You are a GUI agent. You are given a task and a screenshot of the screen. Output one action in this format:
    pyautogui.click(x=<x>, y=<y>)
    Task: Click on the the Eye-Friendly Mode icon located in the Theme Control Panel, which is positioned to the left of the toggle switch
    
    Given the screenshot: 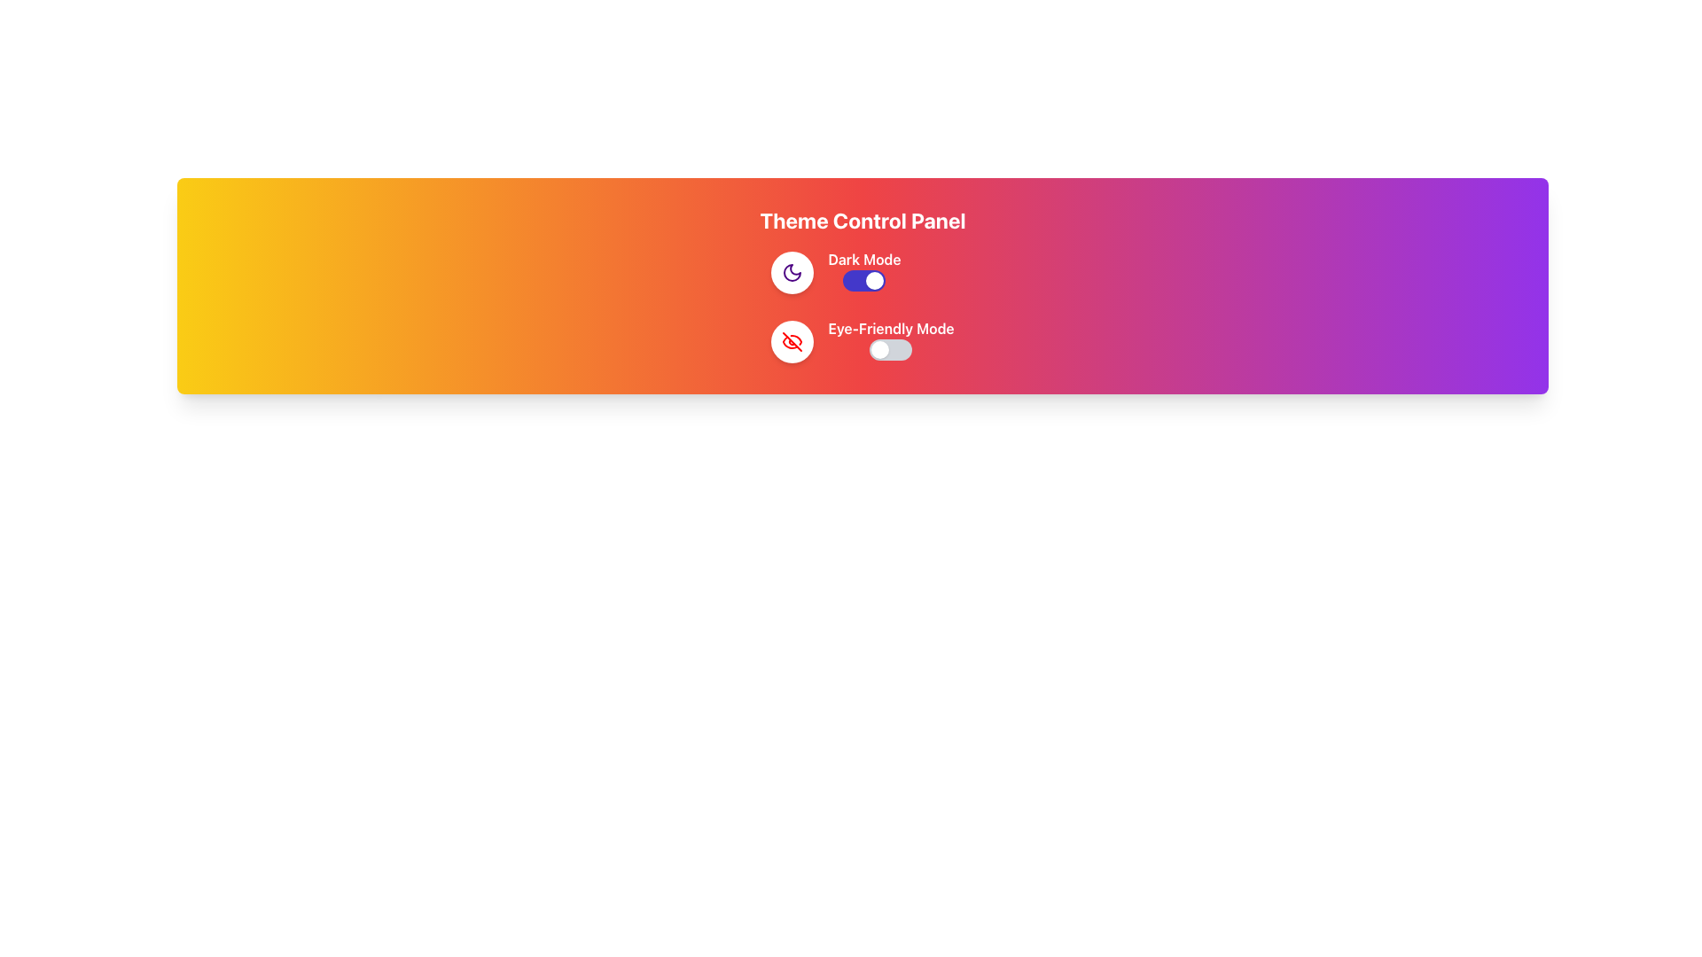 What is the action you would take?
    pyautogui.click(x=792, y=341)
    